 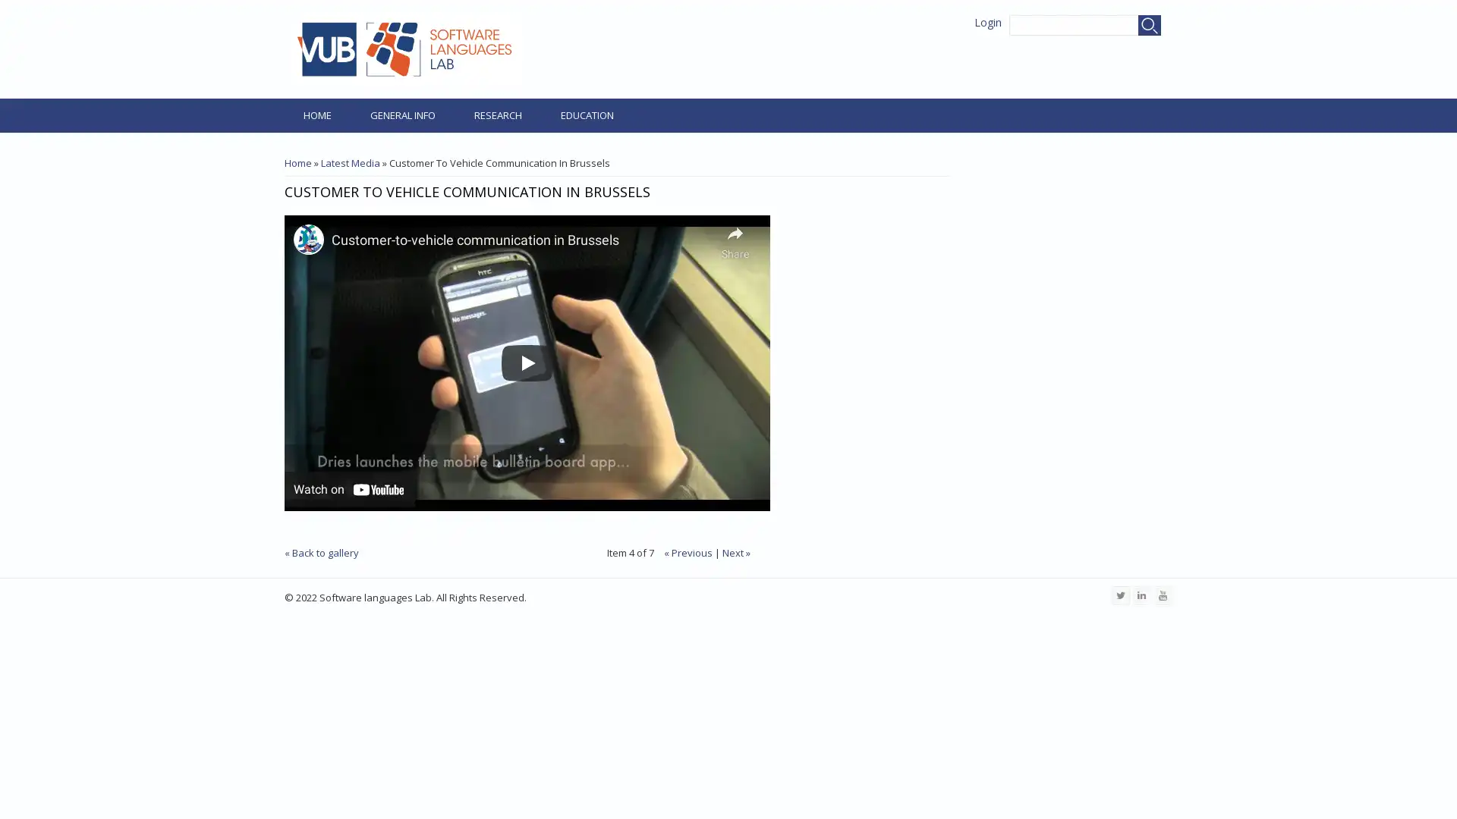 What do you see at coordinates (1150, 25) in the screenshot?
I see `Search` at bounding box center [1150, 25].